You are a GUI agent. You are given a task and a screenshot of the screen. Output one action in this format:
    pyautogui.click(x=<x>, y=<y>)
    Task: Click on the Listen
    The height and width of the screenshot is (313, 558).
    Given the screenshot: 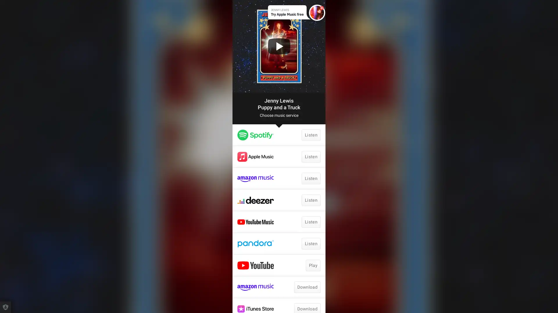 What is the action you would take?
    pyautogui.click(x=311, y=200)
    